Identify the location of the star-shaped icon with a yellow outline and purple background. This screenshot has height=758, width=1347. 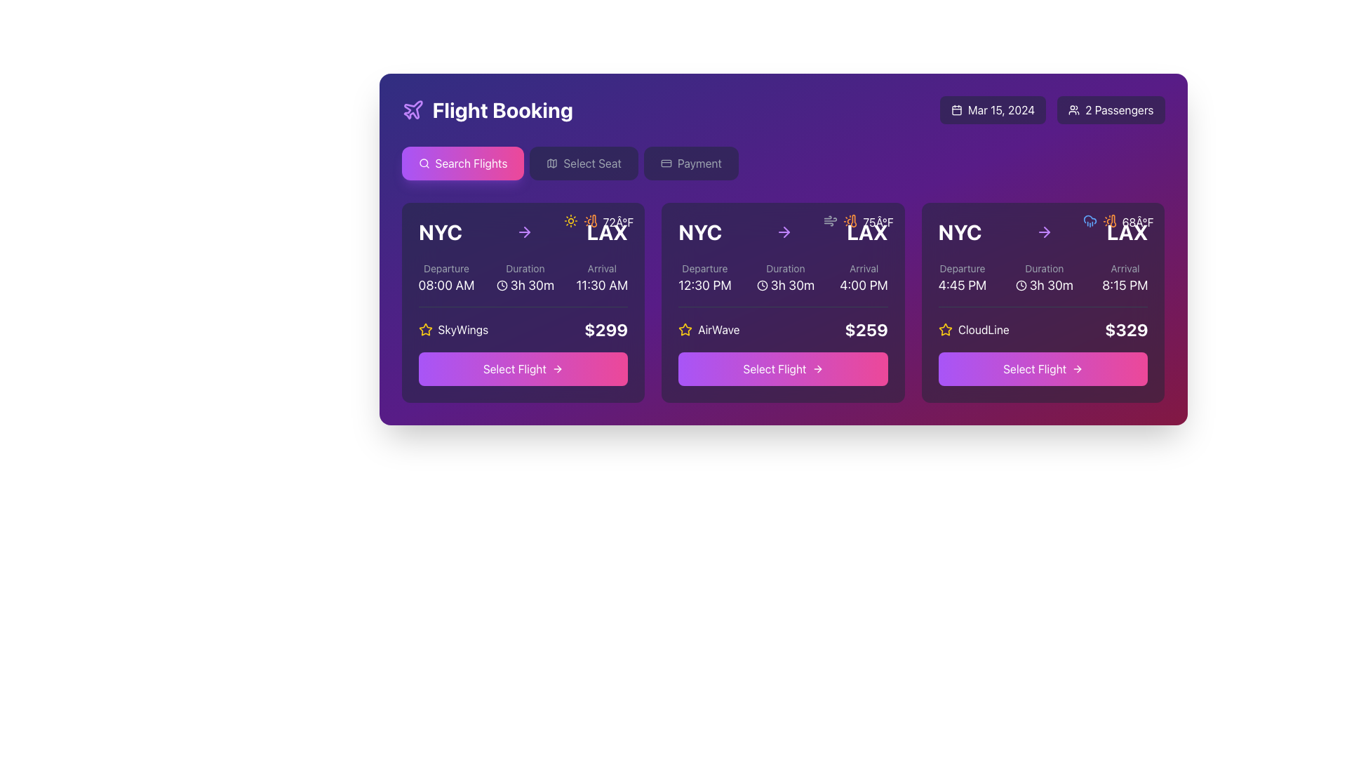
(685, 330).